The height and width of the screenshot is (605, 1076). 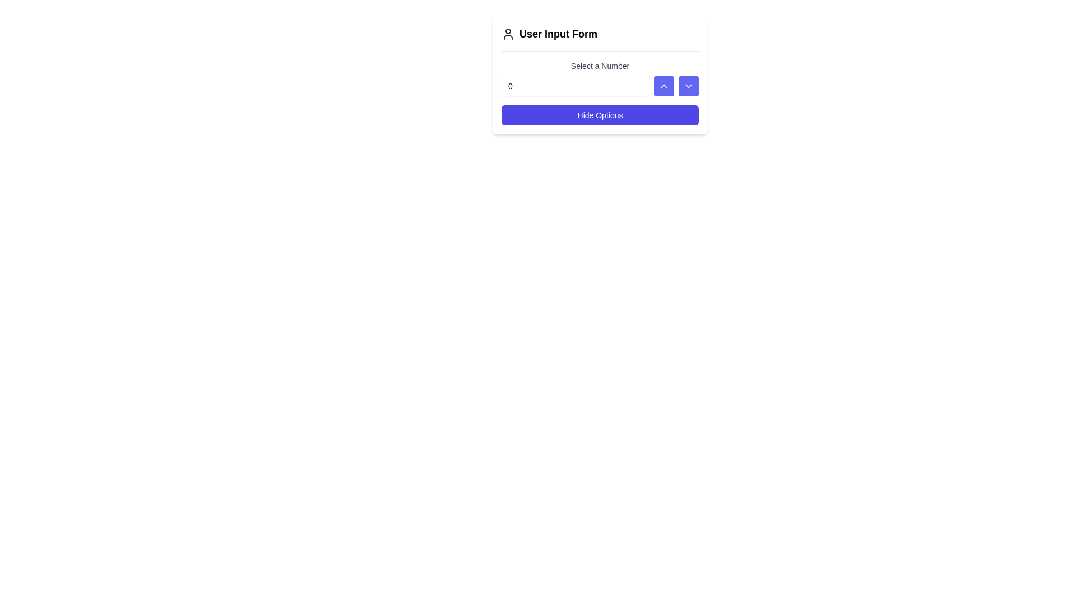 I want to click on the downward-facing chevron icon located within the blue-rounded square button, so click(x=688, y=86).